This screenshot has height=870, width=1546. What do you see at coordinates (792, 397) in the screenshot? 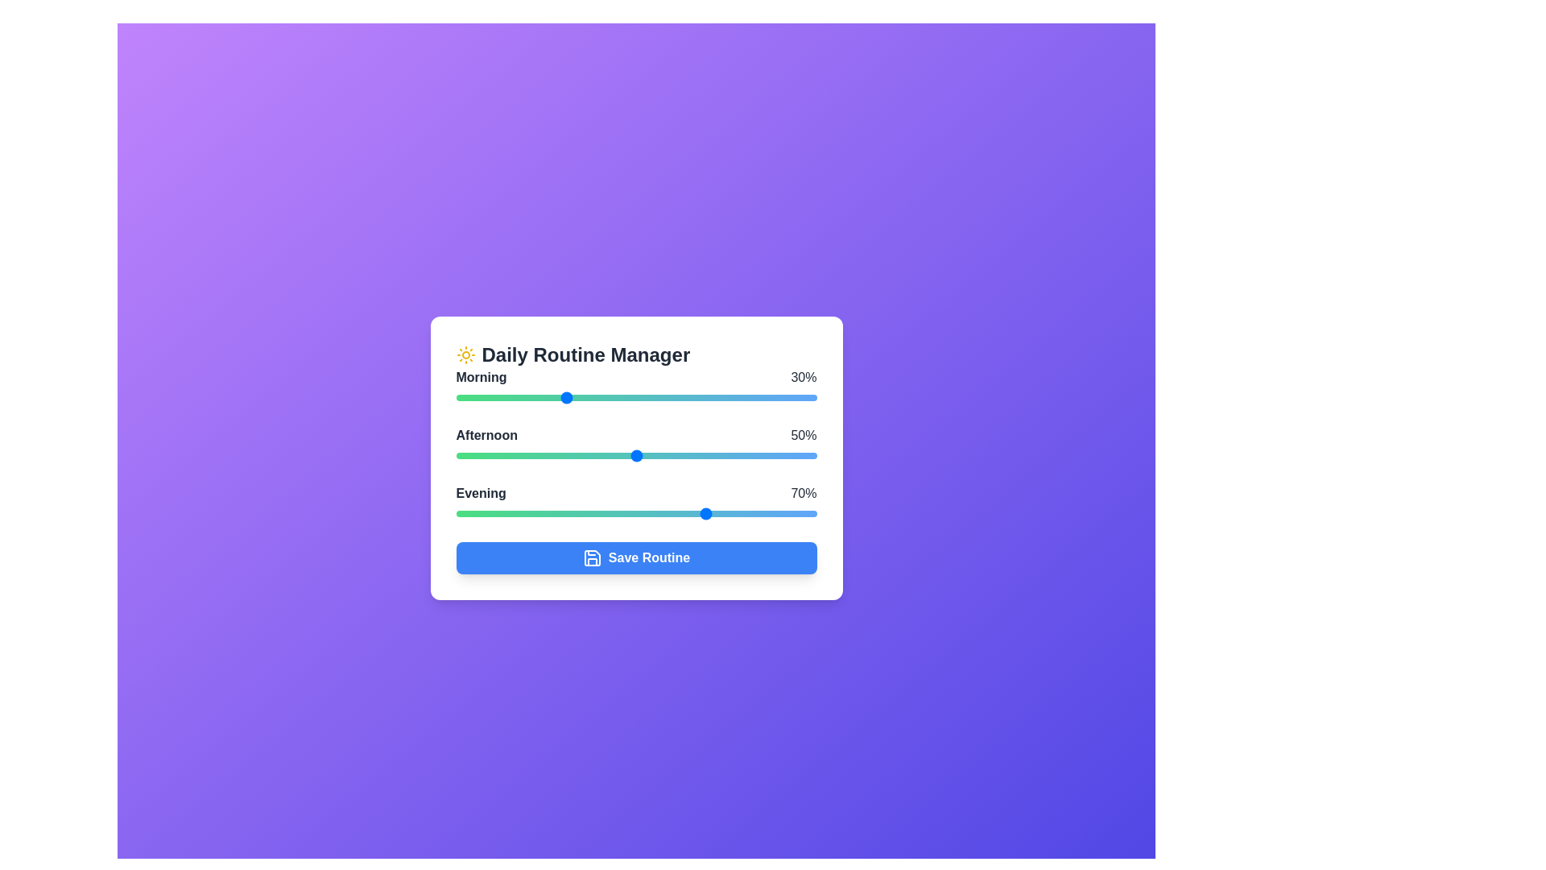
I see `the Morning task slider to 93%` at bounding box center [792, 397].